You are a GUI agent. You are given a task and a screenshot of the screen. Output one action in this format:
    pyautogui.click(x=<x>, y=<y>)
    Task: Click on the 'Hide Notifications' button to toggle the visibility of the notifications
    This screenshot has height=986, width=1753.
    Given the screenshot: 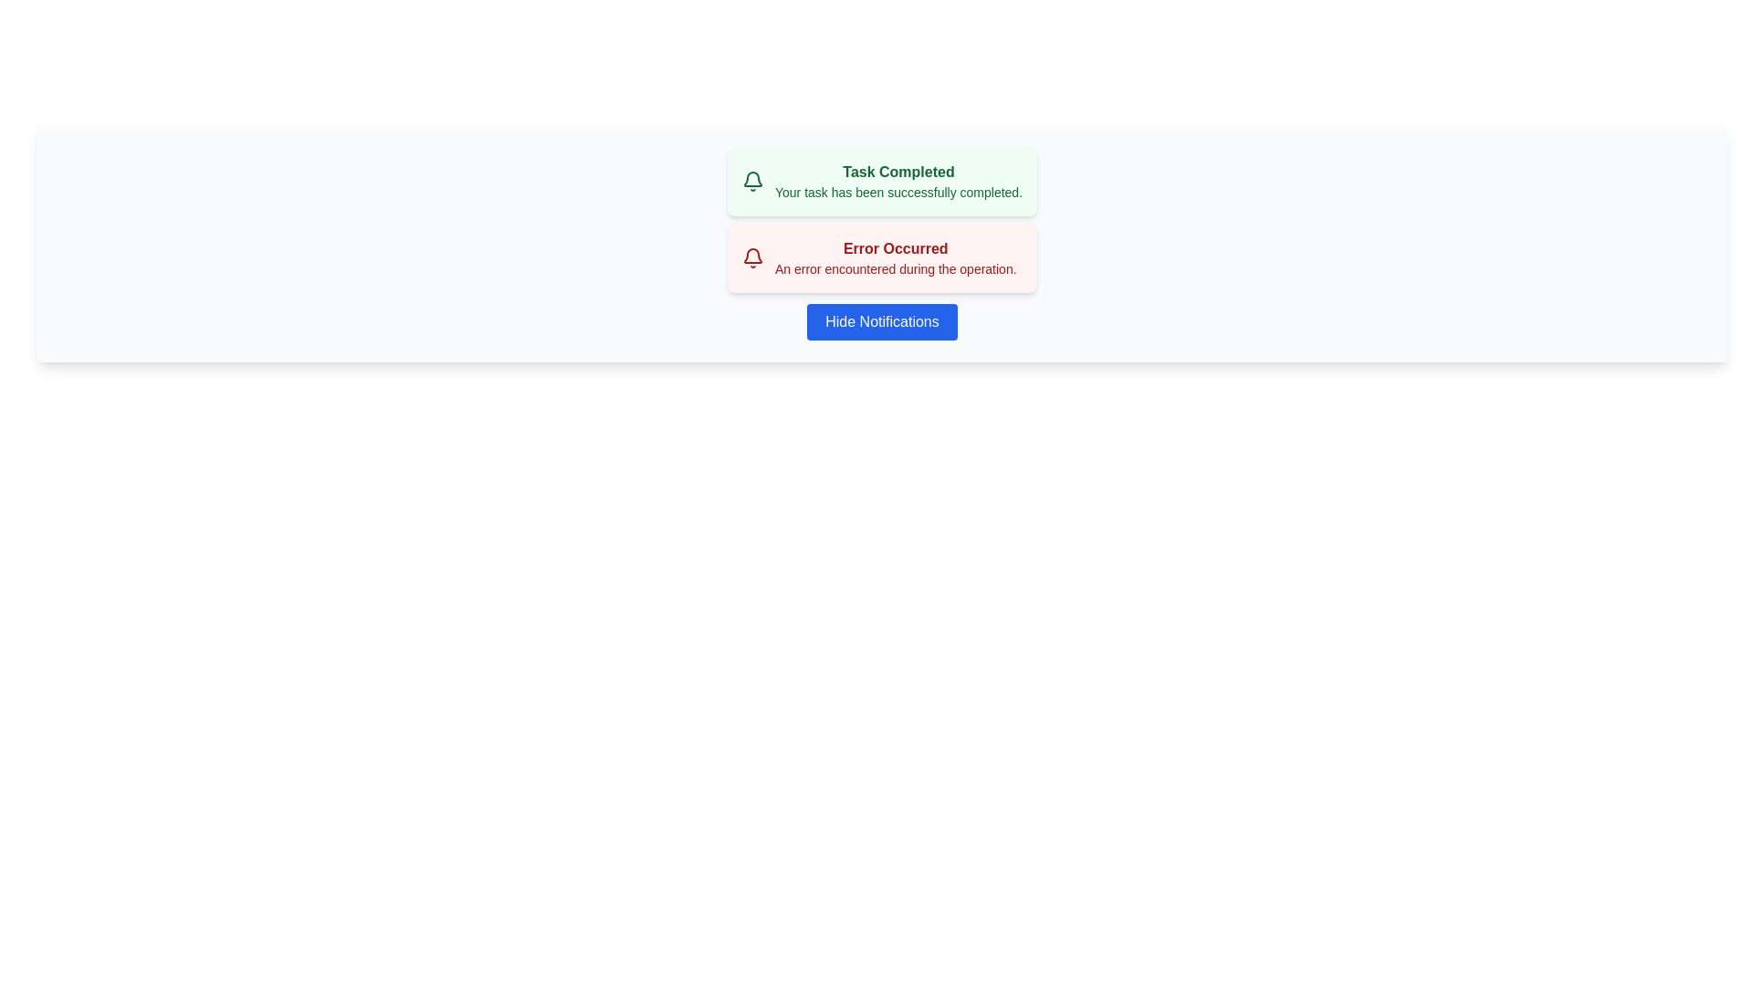 What is the action you would take?
    pyautogui.click(x=882, y=321)
    